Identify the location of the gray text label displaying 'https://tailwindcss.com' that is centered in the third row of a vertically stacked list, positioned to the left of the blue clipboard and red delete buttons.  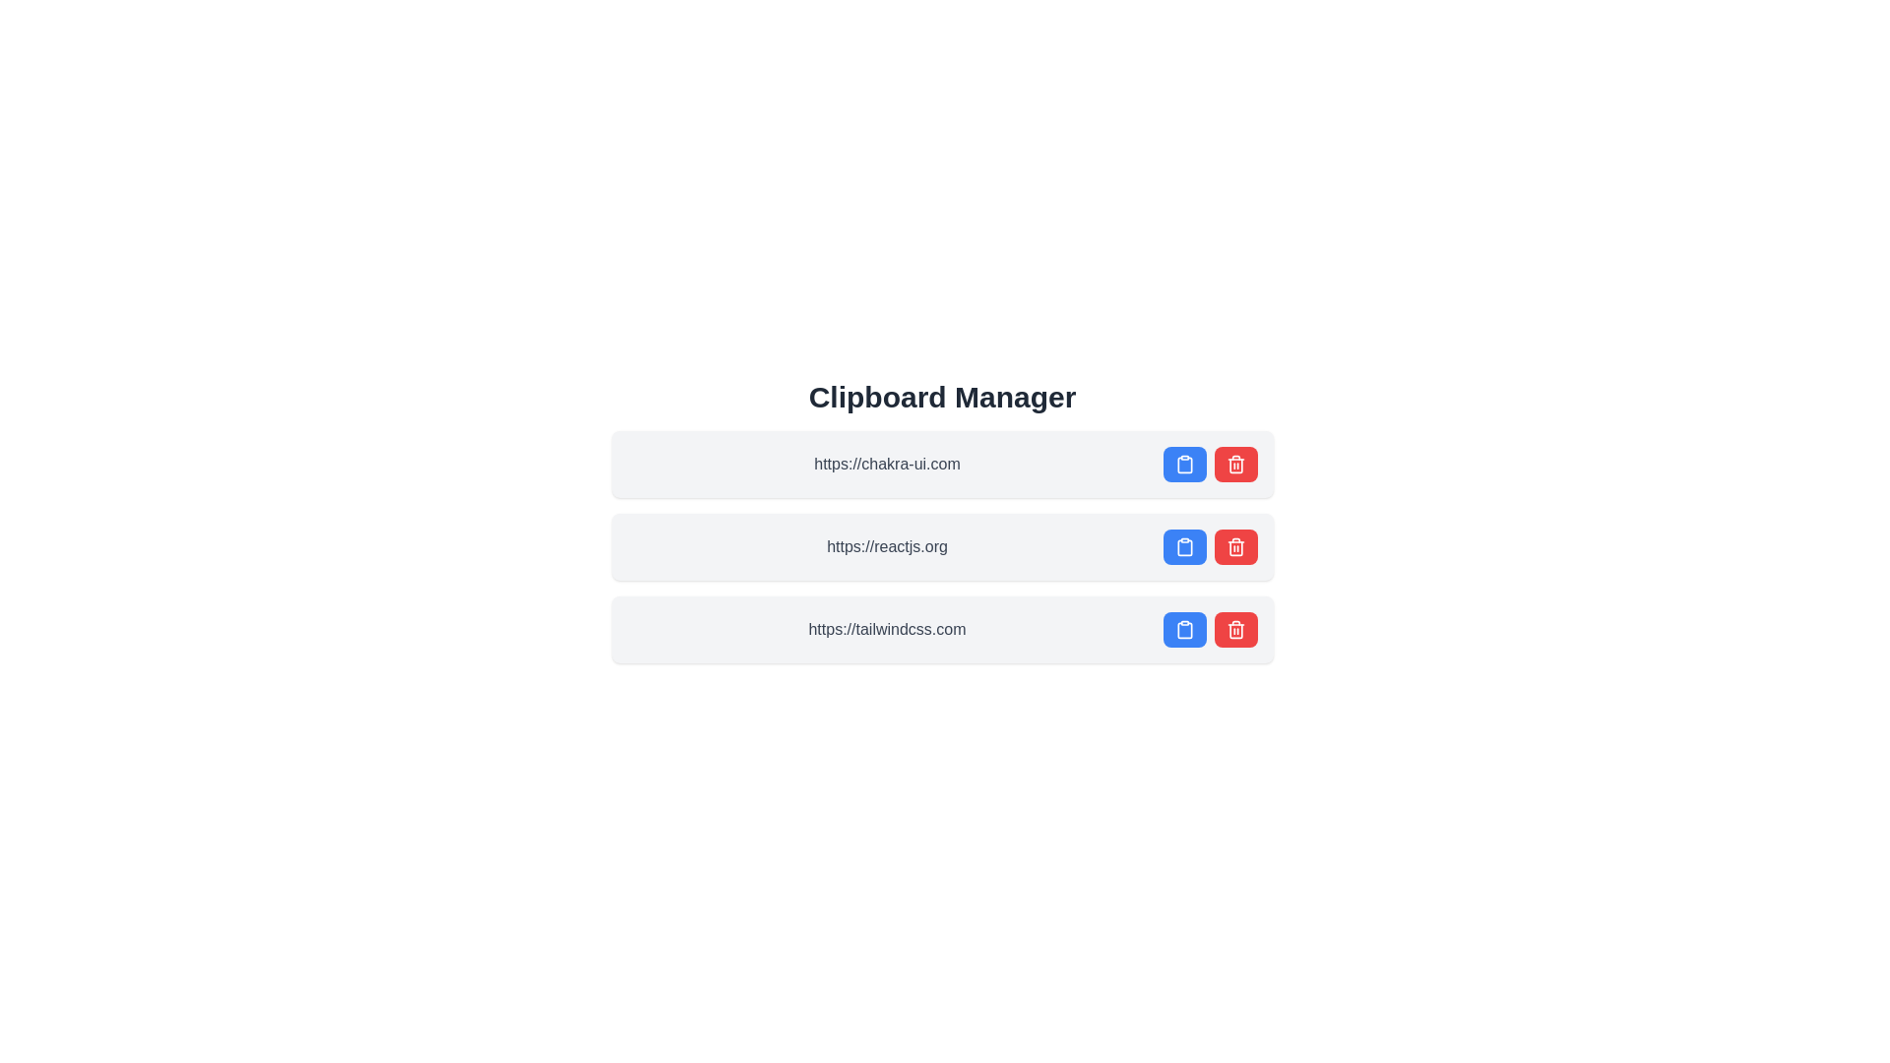
(886, 630).